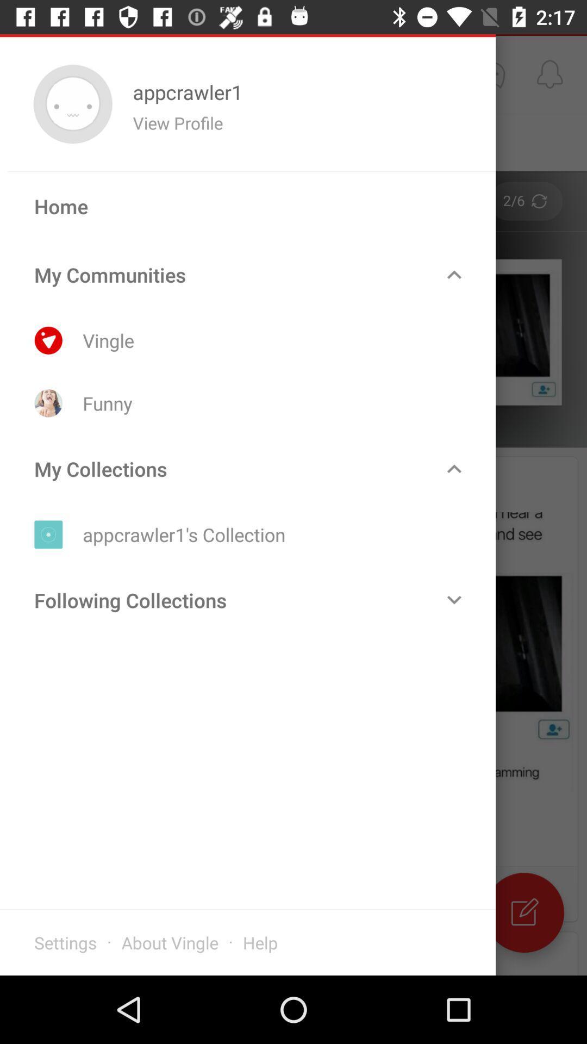  I want to click on the notifications icon, so click(549, 73).